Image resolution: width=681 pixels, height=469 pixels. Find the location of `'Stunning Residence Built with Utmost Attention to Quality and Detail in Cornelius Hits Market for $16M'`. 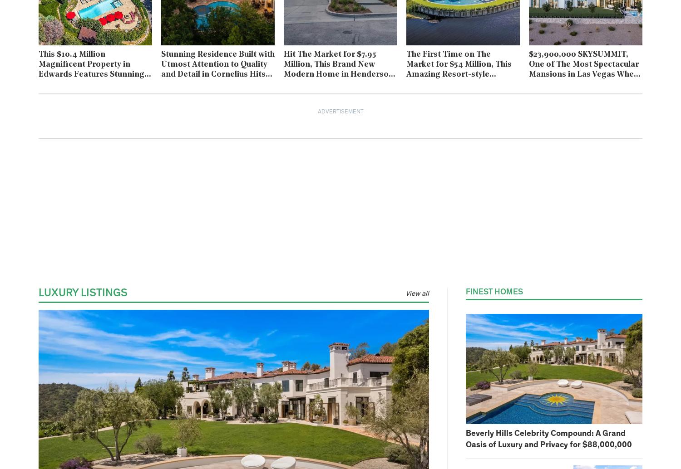

'Stunning Residence Built with Utmost Attention to Quality and Detail in Cornelius Hits Market for $16M' is located at coordinates (217, 69).